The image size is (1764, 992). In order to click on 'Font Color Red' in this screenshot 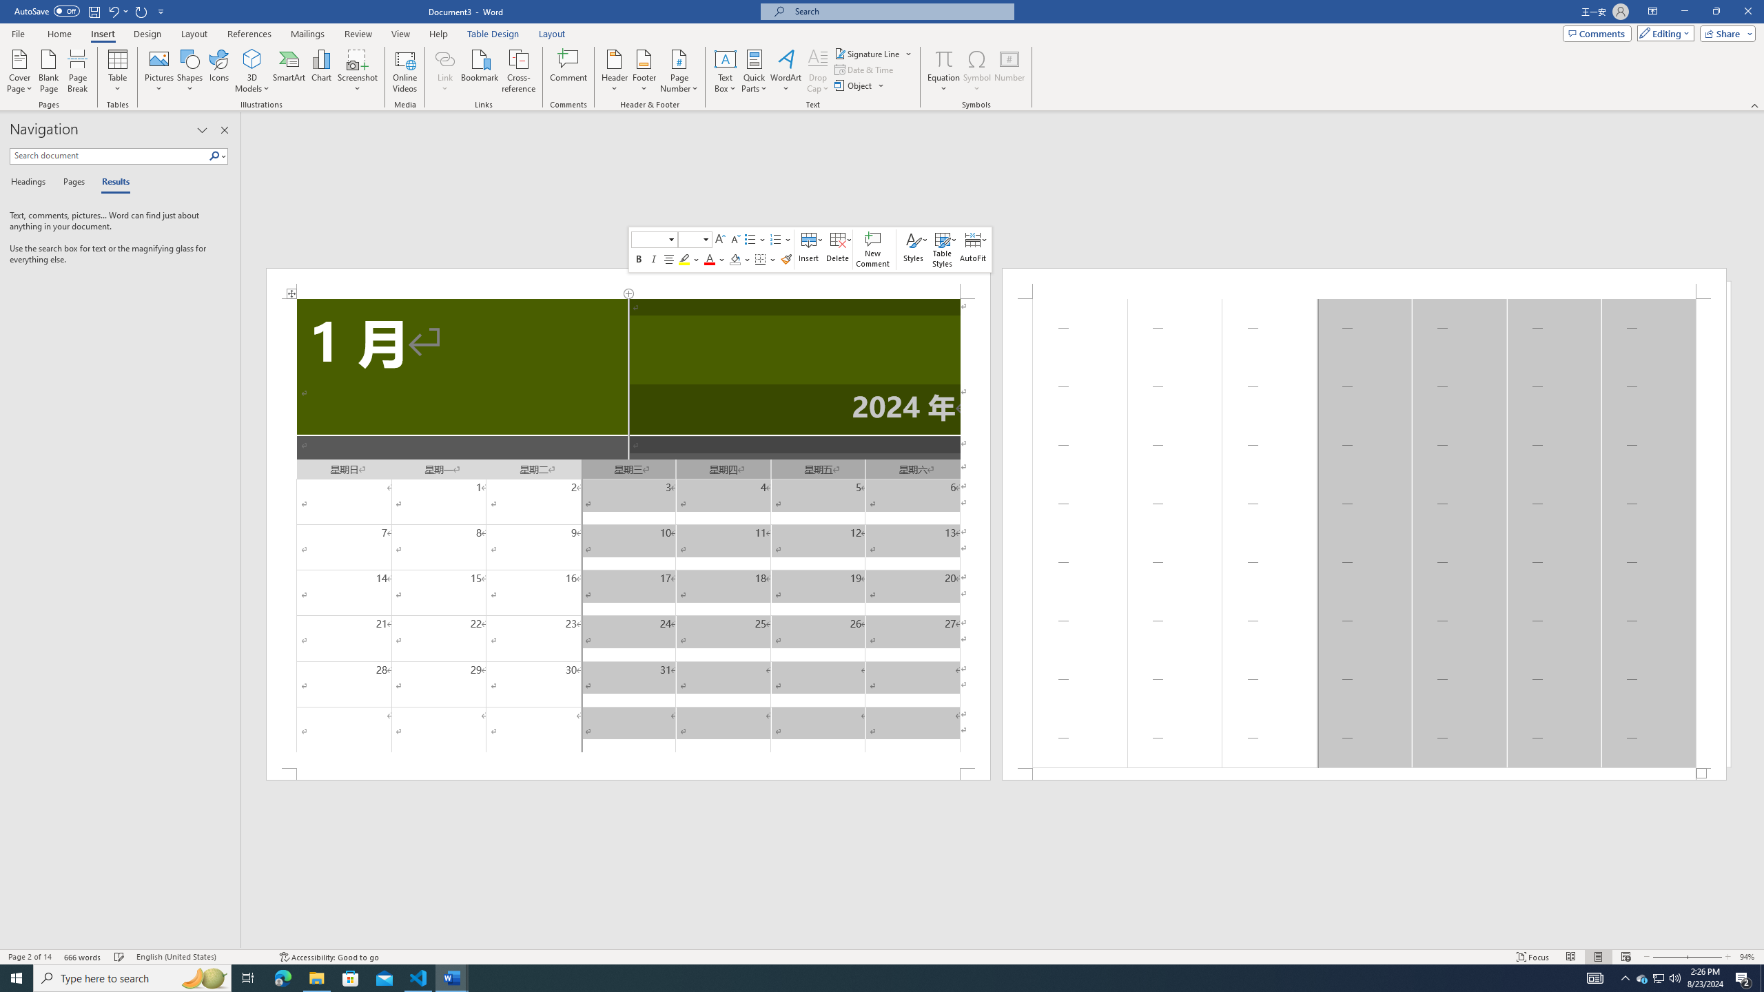, I will do `click(710, 258)`.